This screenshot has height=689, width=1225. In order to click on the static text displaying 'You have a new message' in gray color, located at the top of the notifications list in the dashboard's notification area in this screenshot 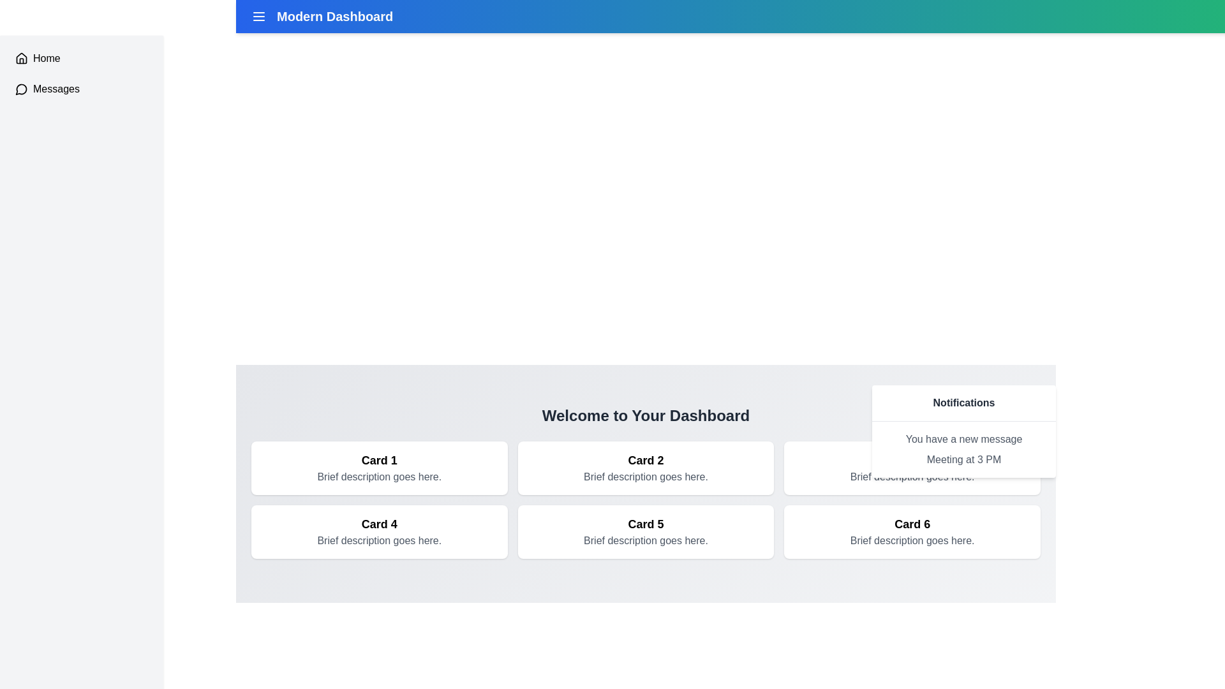, I will do `click(964, 439)`.